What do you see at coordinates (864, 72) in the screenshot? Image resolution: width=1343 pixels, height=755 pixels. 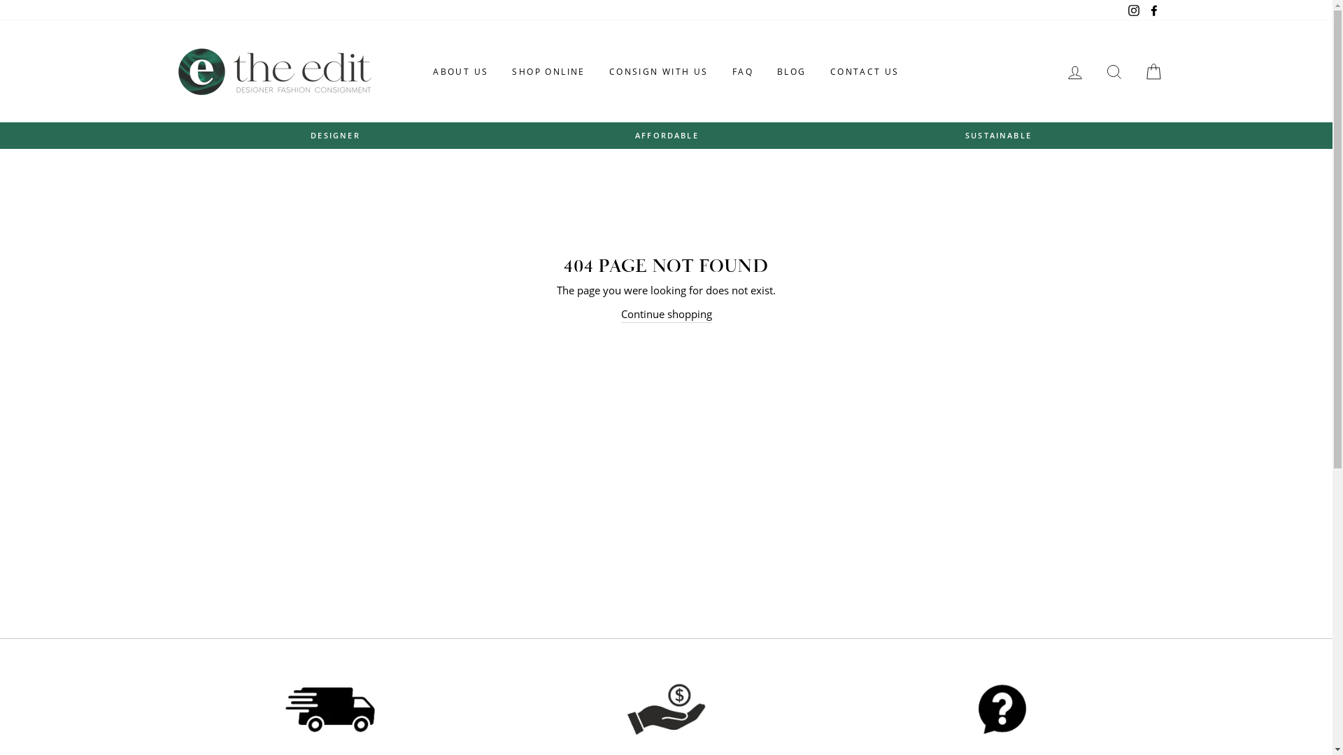 I see `'CONTACT US'` at bounding box center [864, 72].